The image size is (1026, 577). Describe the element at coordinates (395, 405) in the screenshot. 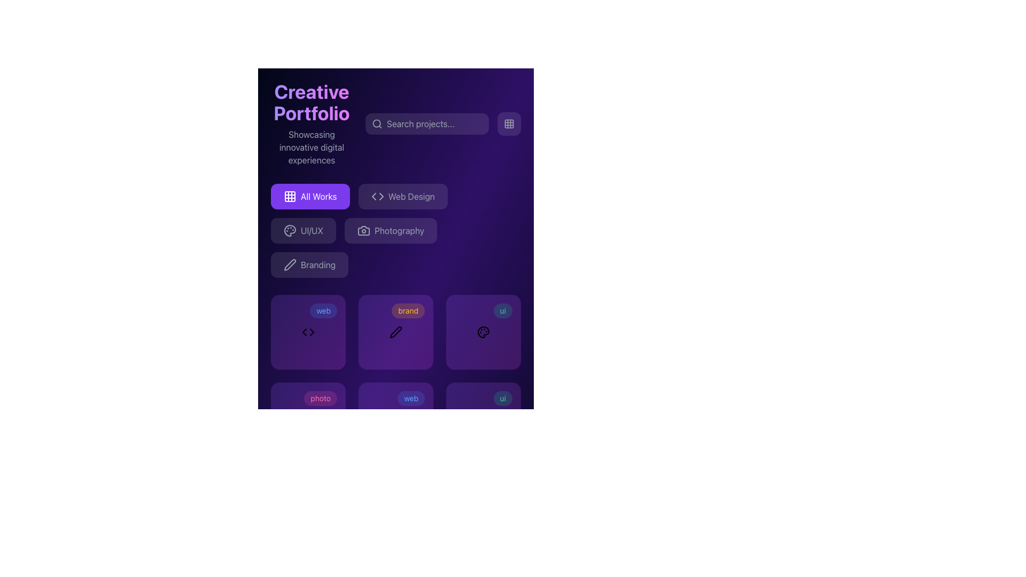

I see `the title text element that serves as a headline for the card, located in the upper part of the footer-like section at the bottom of the card` at that location.